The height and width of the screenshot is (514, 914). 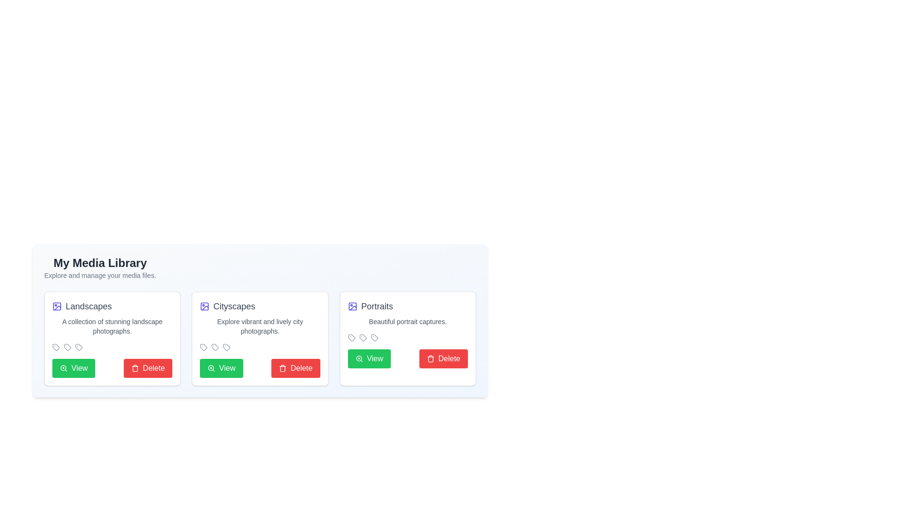 I want to click on the text block displaying the sentence 'Explore vibrant and lively city photographs.' located in the second card labeled 'Cityscapes', so click(x=260, y=326).